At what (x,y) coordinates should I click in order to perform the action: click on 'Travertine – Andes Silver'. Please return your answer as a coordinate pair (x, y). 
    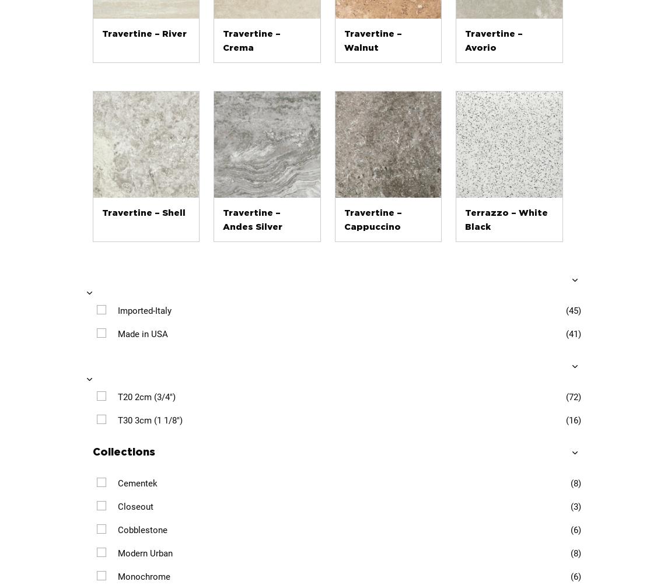
    Looking at the image, I should click on (252, 219).